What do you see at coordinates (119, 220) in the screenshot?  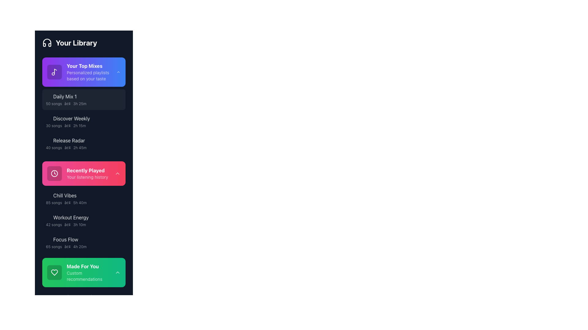 I see `the circular '+' button located on the right side of the 'Workout Energy' playlist section` at bounding box center [119, 220].